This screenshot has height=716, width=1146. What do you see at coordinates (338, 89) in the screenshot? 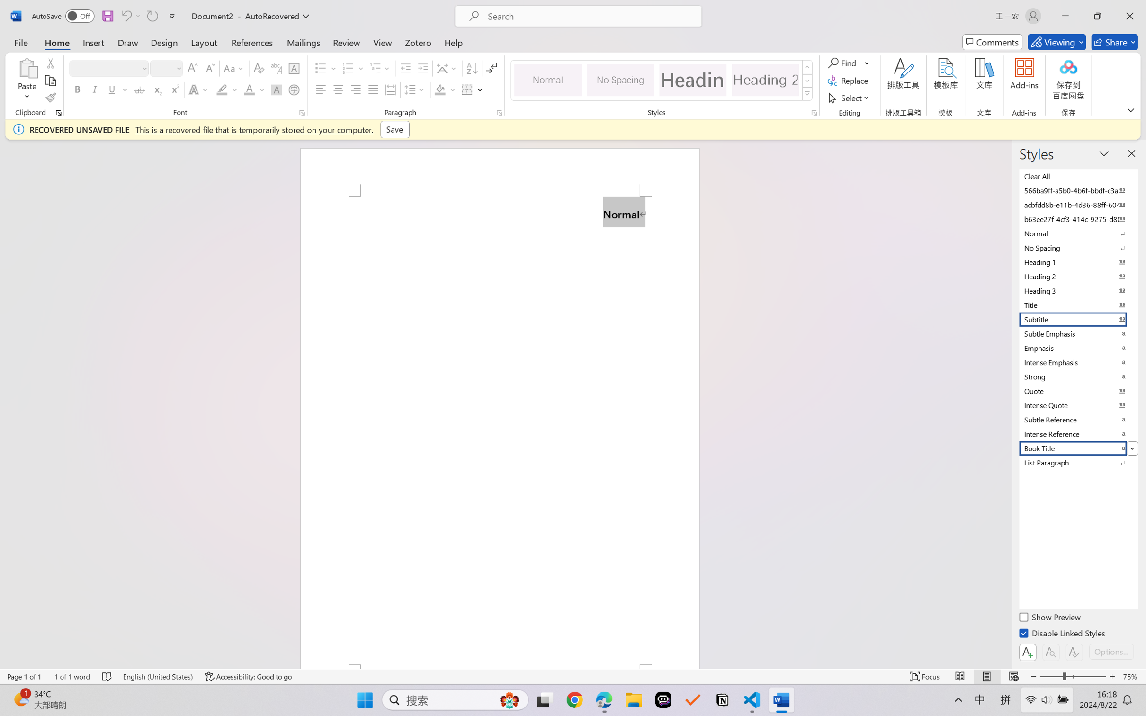
I see `'Center'` at bounding box center [338, 89].